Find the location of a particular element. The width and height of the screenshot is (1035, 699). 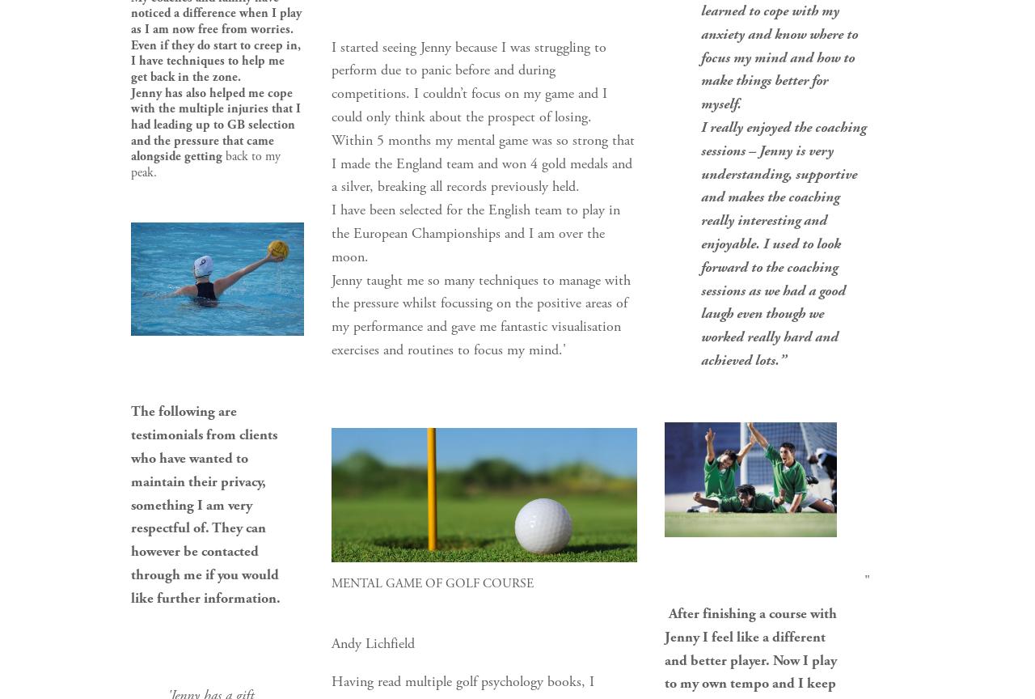

'The following are testimonials from clients who have wanted to maintain their privacy, something I am very respectful of. They can however be contacted through me if you would like further information.' is located at coordinates (205, 503).